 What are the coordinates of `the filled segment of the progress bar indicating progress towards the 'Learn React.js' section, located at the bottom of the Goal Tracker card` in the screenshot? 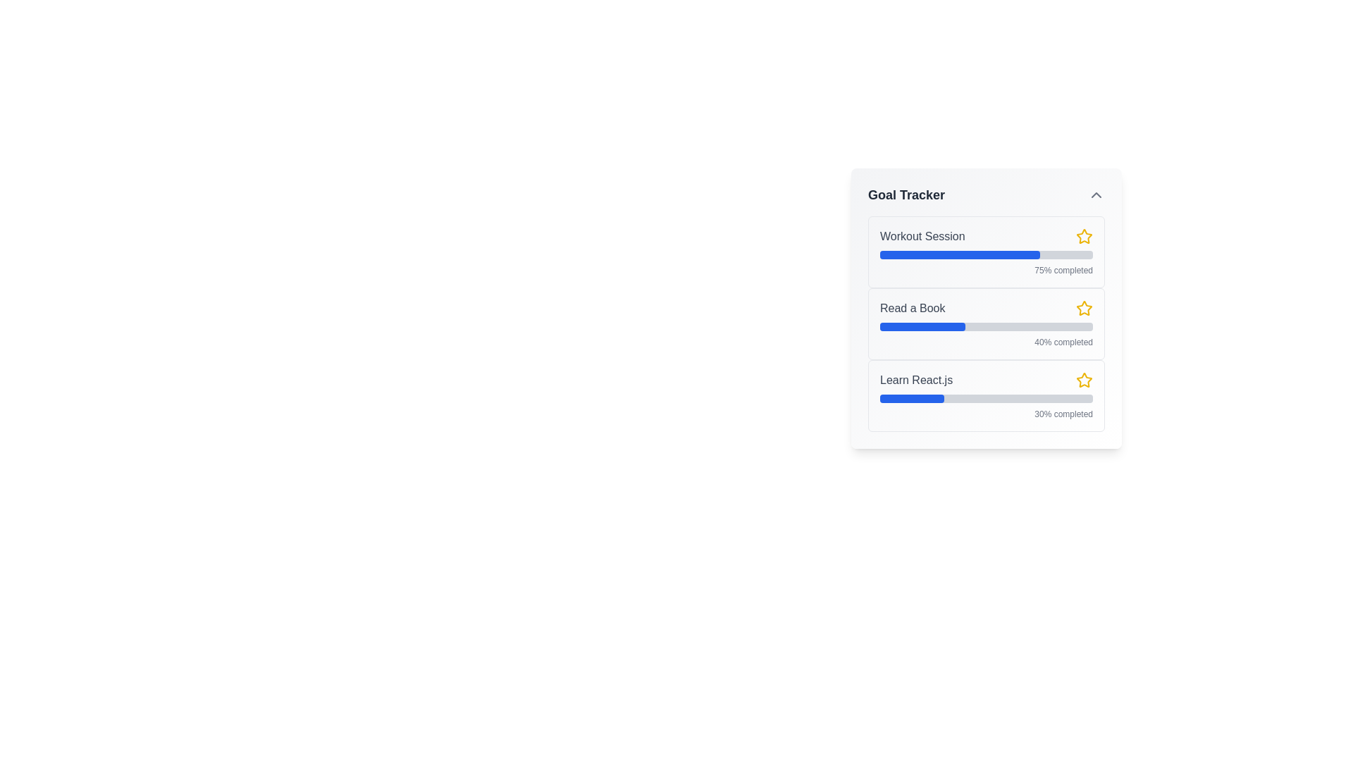 It's located at (912, 399).